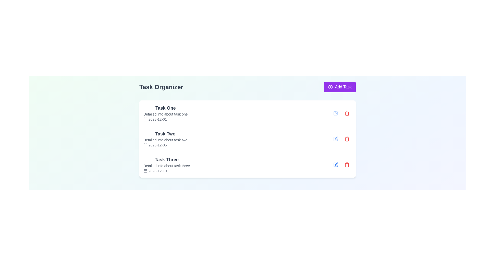  Describe the element at coordinates (165, 140) in the screenshot. I see `the text label displaying 'Detailed info about task two', which is located below the 'Task Two' heading and above the task's date, centrally aligned within the task block` at that location.